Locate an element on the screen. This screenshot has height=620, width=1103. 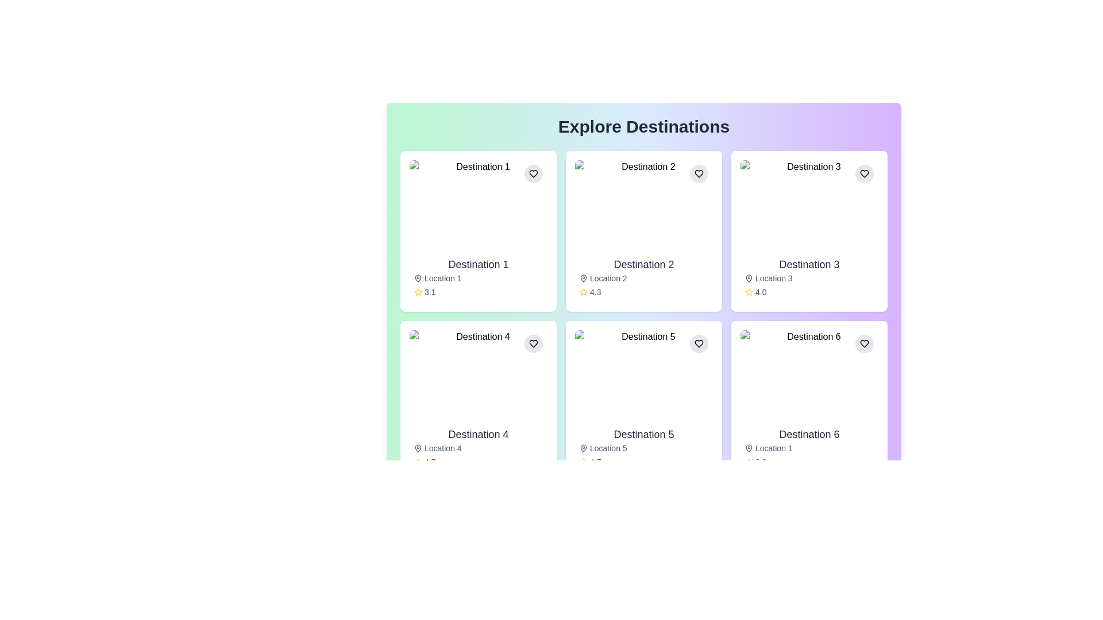
the heart-shaped icon representing 'like' or 'add to favorites' in the 'Destination 2' panel of the 'Explore Destinations' section is located at coordinates (699, 174).